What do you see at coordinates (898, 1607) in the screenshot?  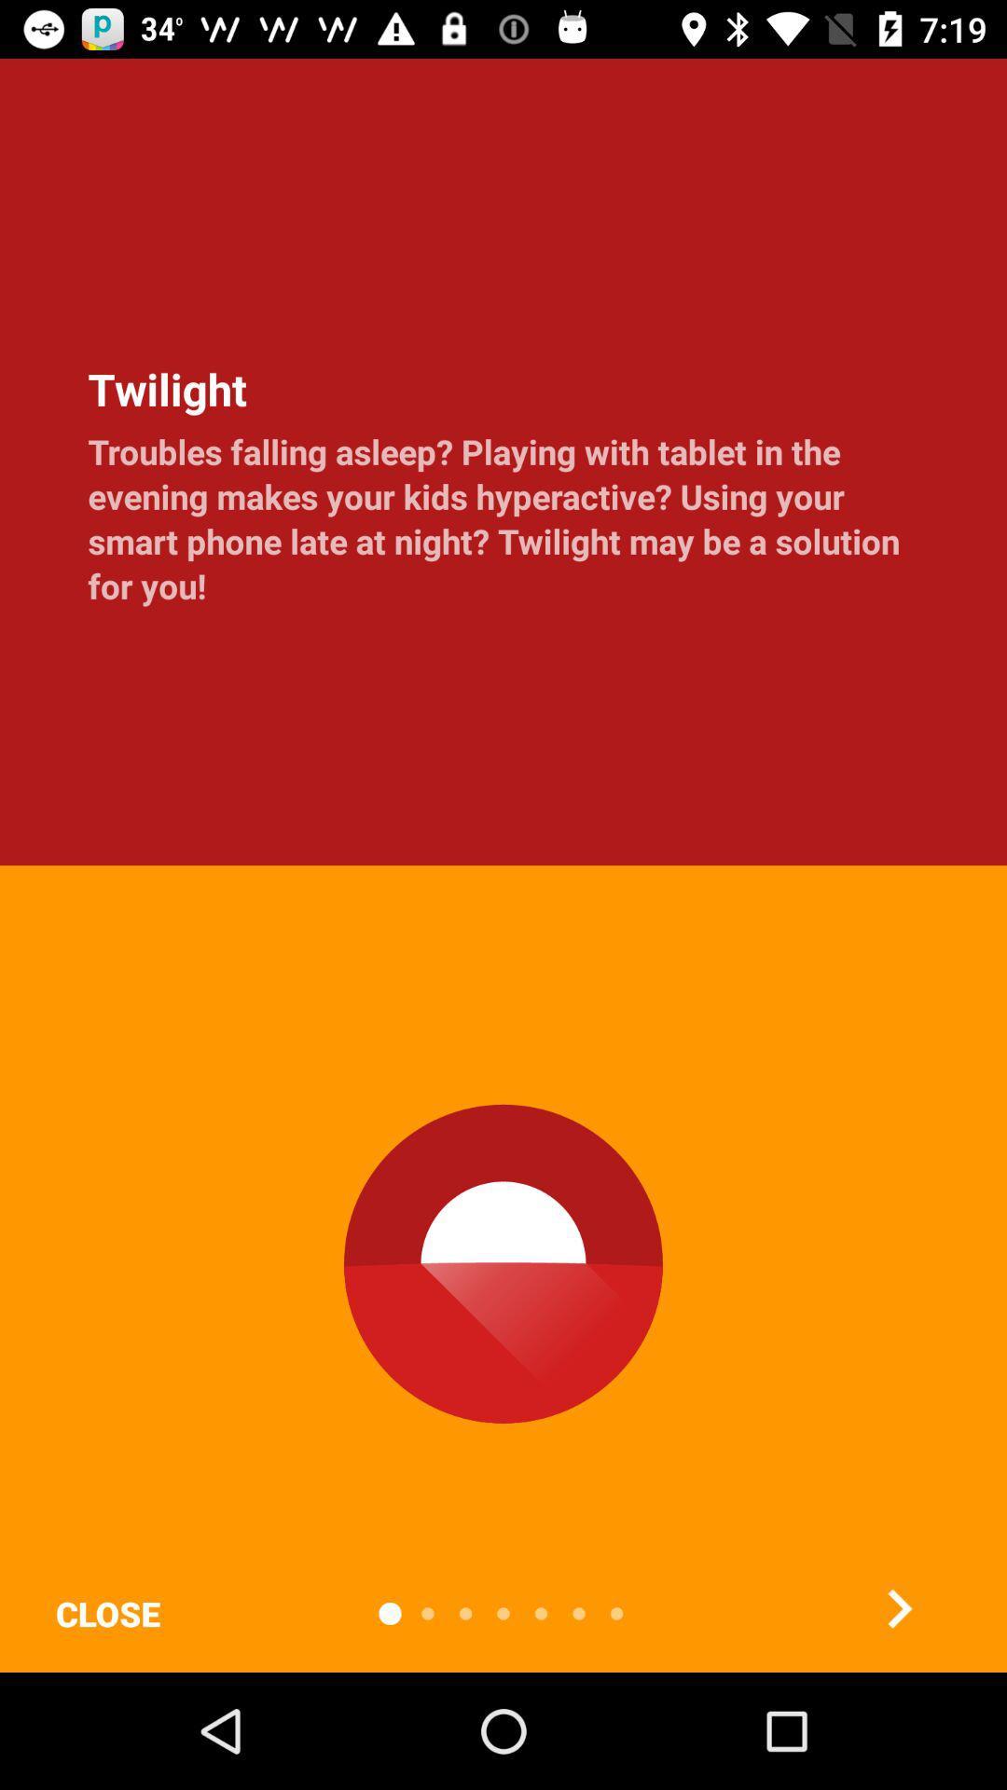 I see `the item below the troubles falling asleep` at bounding box center [898, 1607].